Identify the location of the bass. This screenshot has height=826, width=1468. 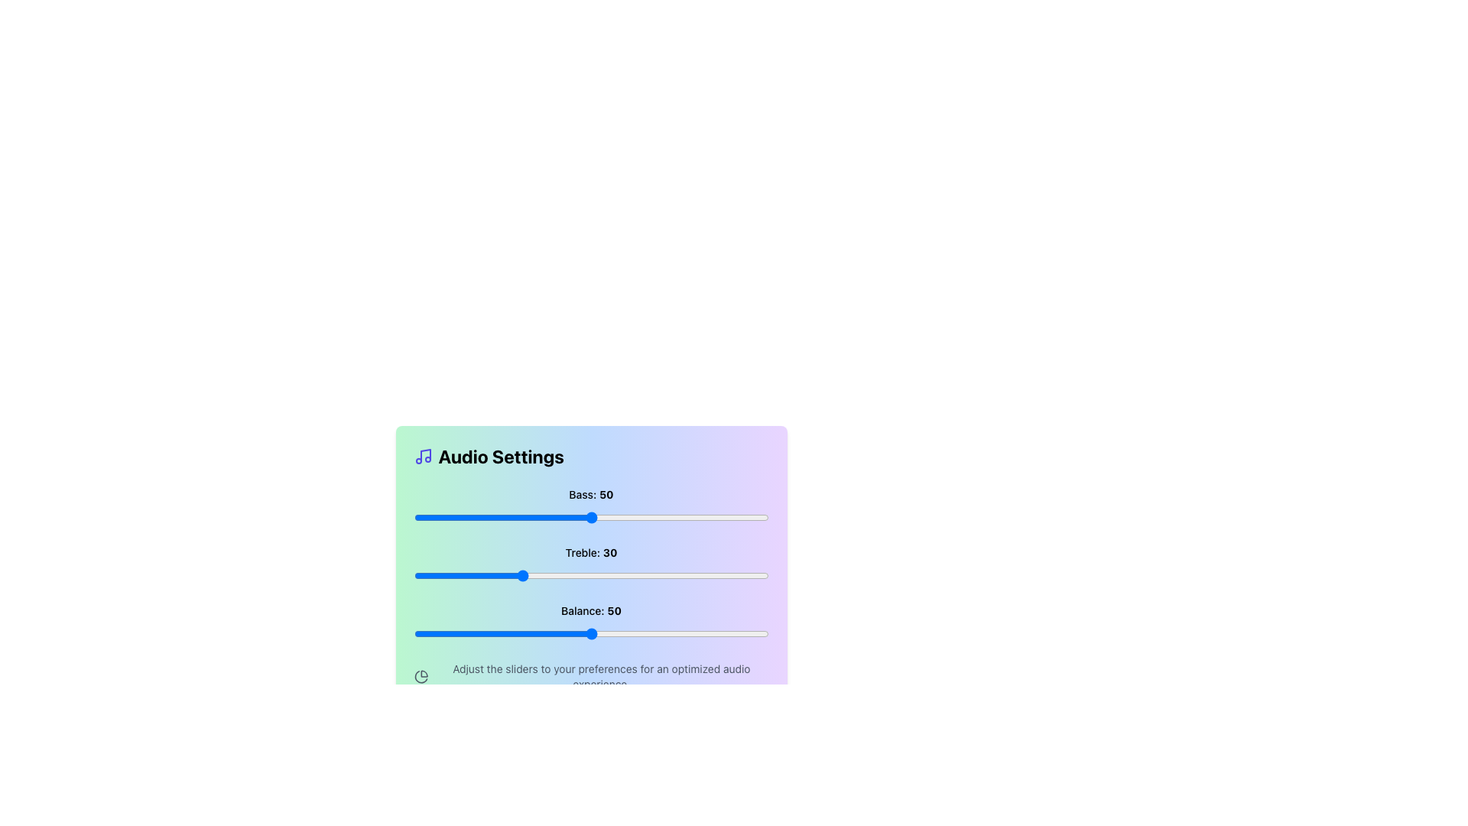
(528, 517).